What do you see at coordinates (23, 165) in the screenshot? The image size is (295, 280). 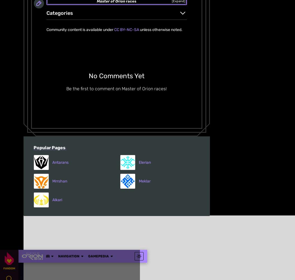 I see `'Support'` at bounding box center [23, 165].